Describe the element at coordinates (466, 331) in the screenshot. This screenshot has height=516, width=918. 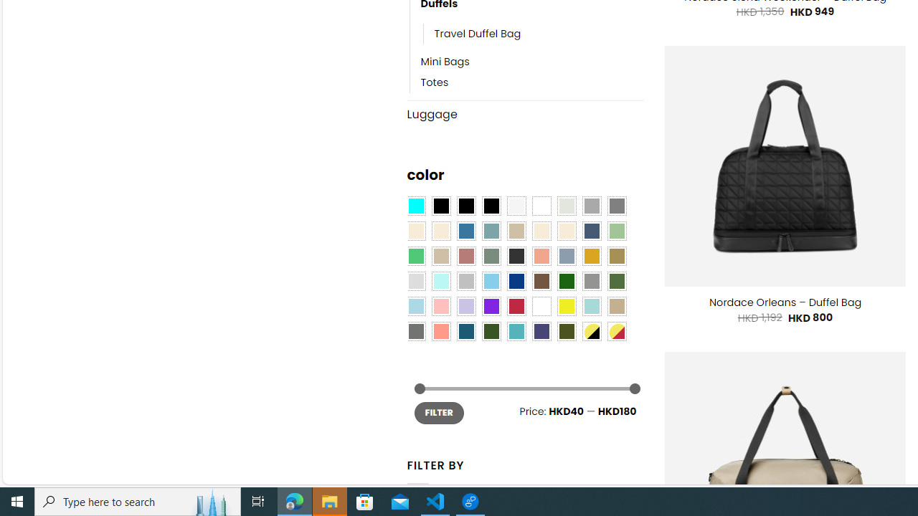
I see `'Capri Blue'` at that location.